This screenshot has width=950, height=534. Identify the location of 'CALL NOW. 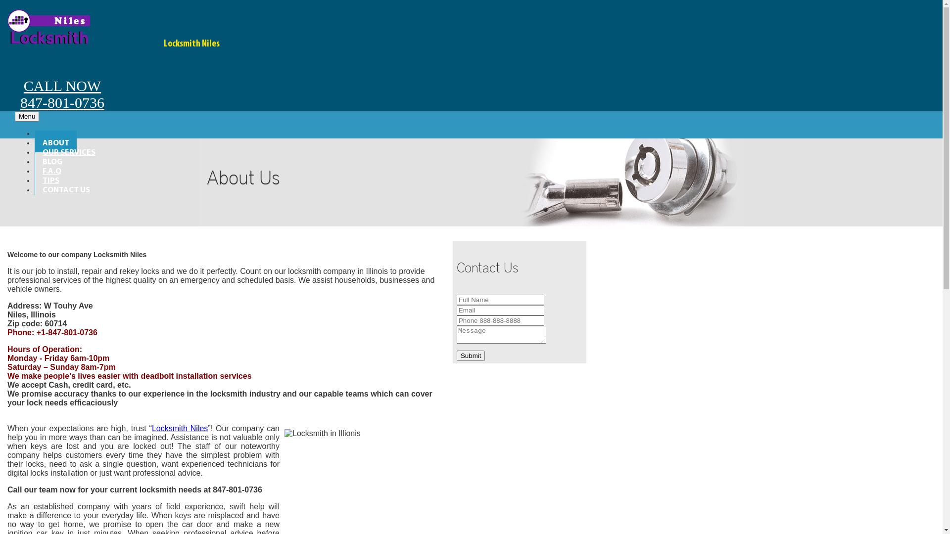
(7, 81).